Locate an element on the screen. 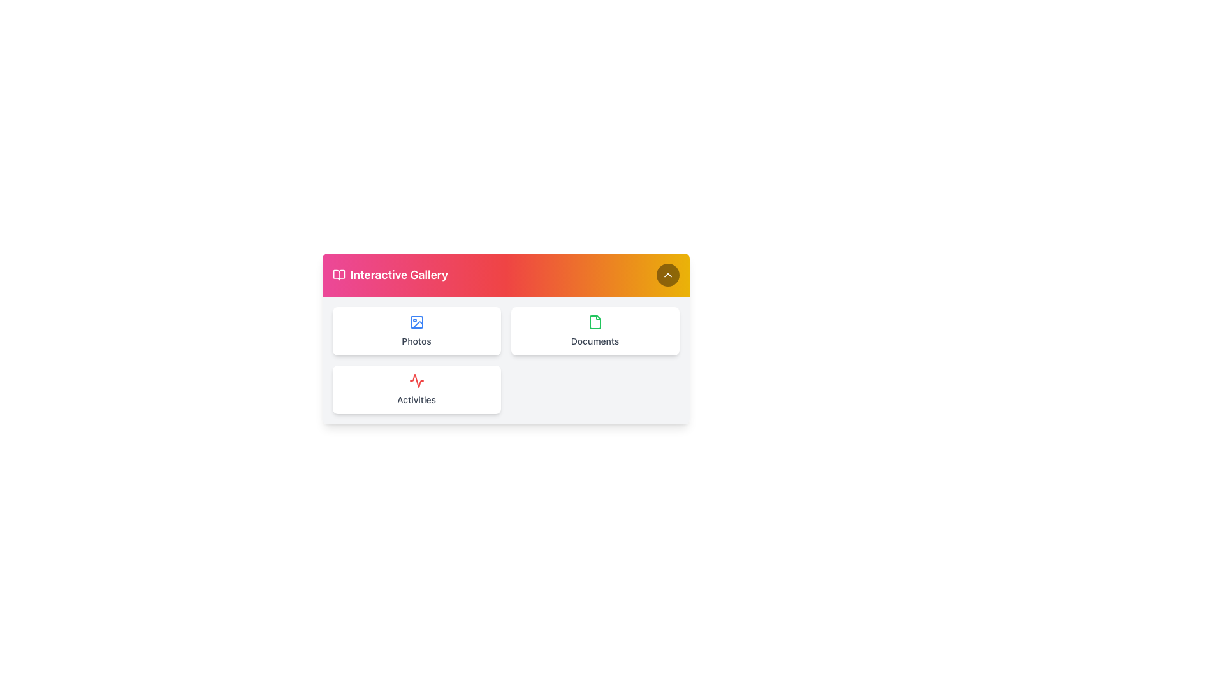 Image resolution: width=1224 pixels, height=688 pixels. the text label located at the bottom of a rounded white panel, positioned directly below the activity icon (pulse line) is located at coordinates (416, 399).